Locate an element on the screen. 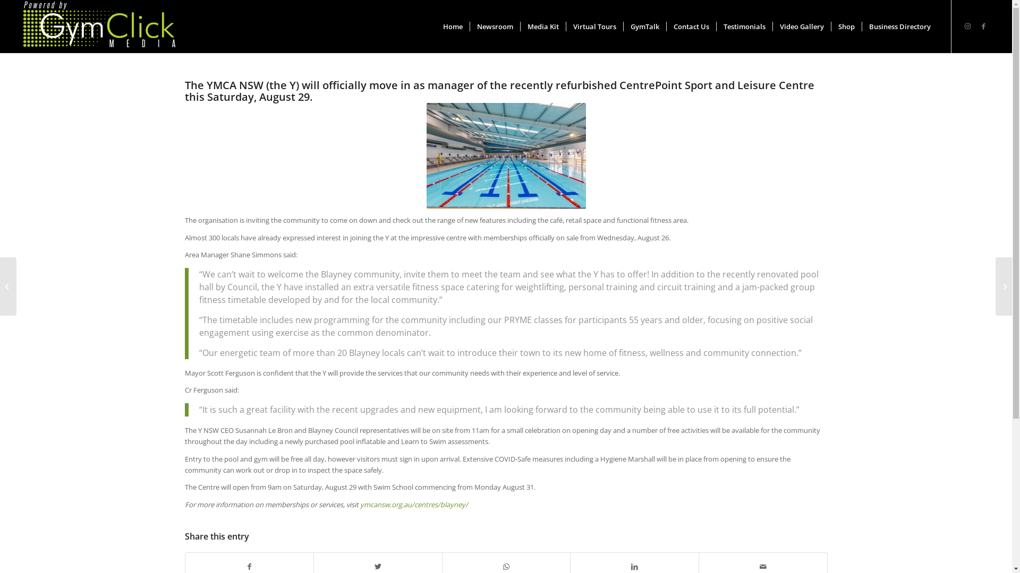 The image size is (1020, 573). 'Media Kit' is located at coordinates (543, 26).